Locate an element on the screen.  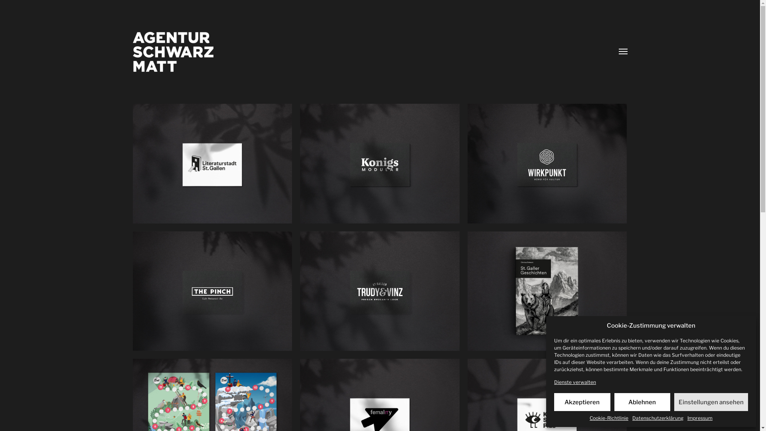
'Impressum' is located at coordinates (699, 417).